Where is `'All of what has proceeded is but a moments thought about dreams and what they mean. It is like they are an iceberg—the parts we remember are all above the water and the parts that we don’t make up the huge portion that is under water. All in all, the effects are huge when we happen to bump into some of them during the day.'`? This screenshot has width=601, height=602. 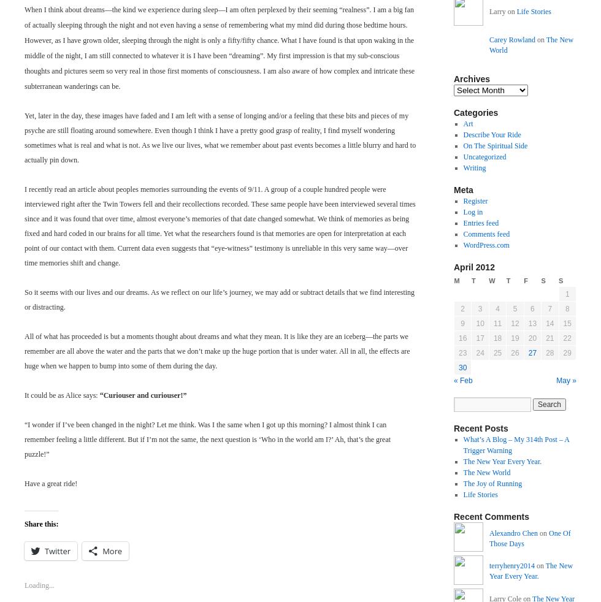 'All of what has proceeded is but a moments thought about dreams and what they mean. It is like they are an iceberg—the parts we remember are all above the water and the parts that we don’t make up the huge portion that is under water. All in all, the effects are huge when we happen to bump into some of them during the day.' is located at coordinates (216, 350).